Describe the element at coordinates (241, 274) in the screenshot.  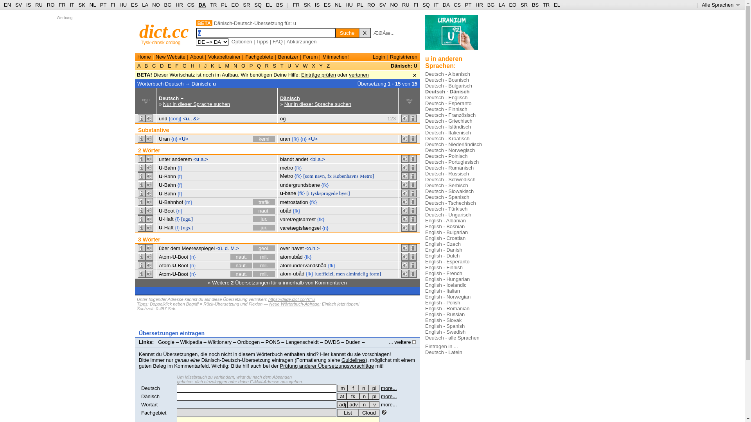
I see `'naut.'` at that location.